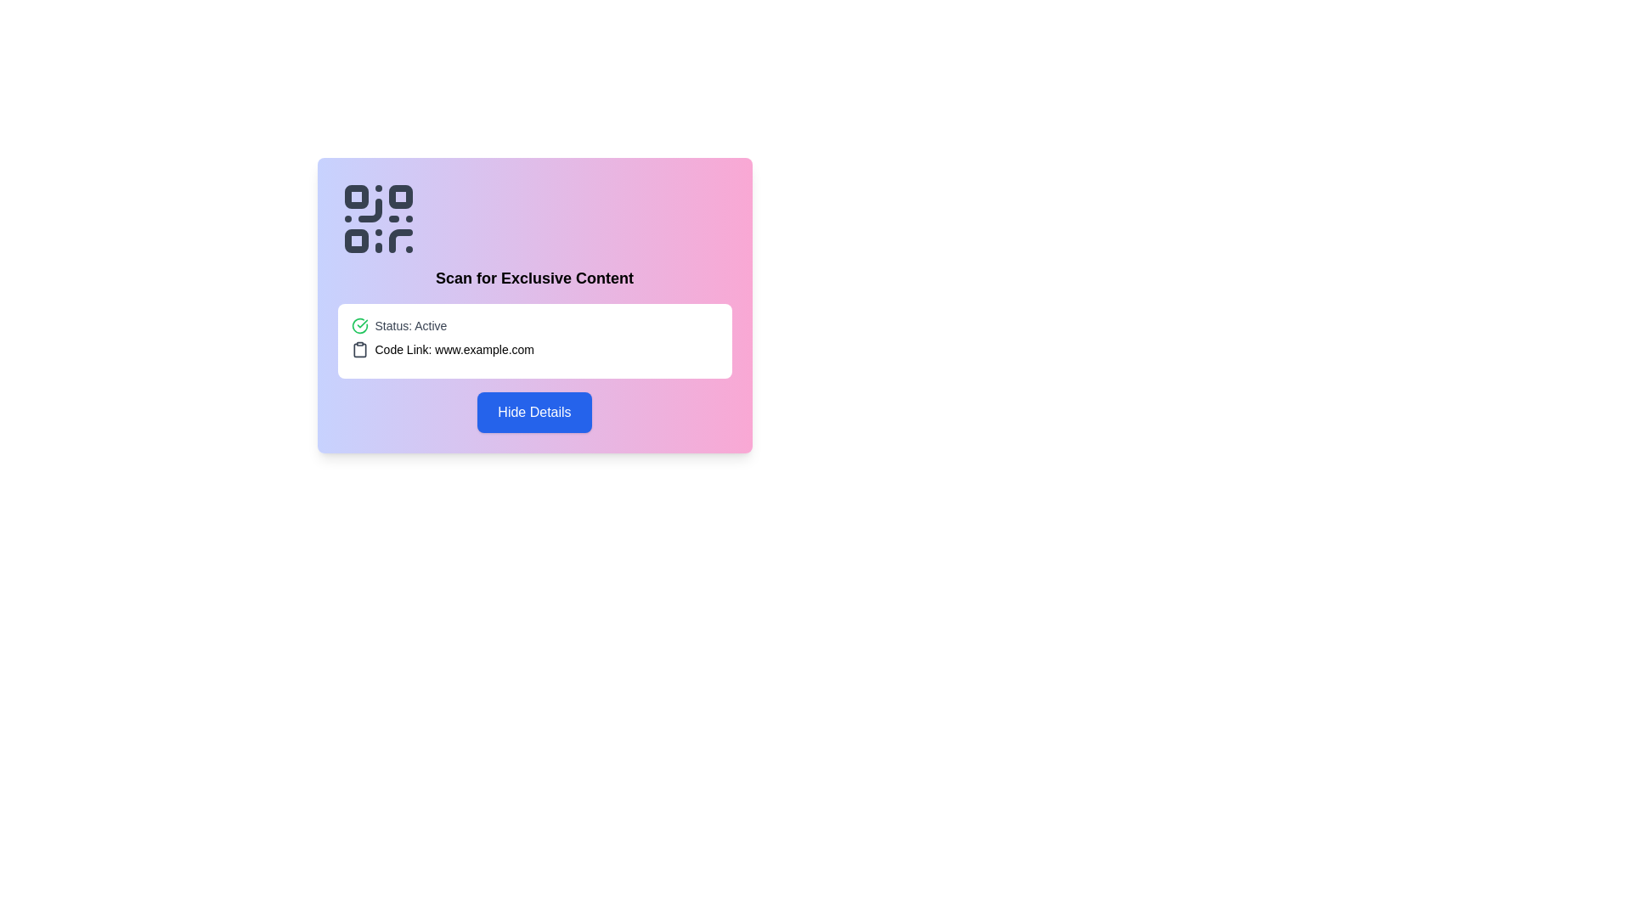 Image resolution: width=1631 pixels, height=917 pixels. Describe the element at coordinates (399, 241) in the screenshot. I see `the curved stroke icon component of the QR code graphic located in the upper left section of the interface by clicking on its center point` at that location.